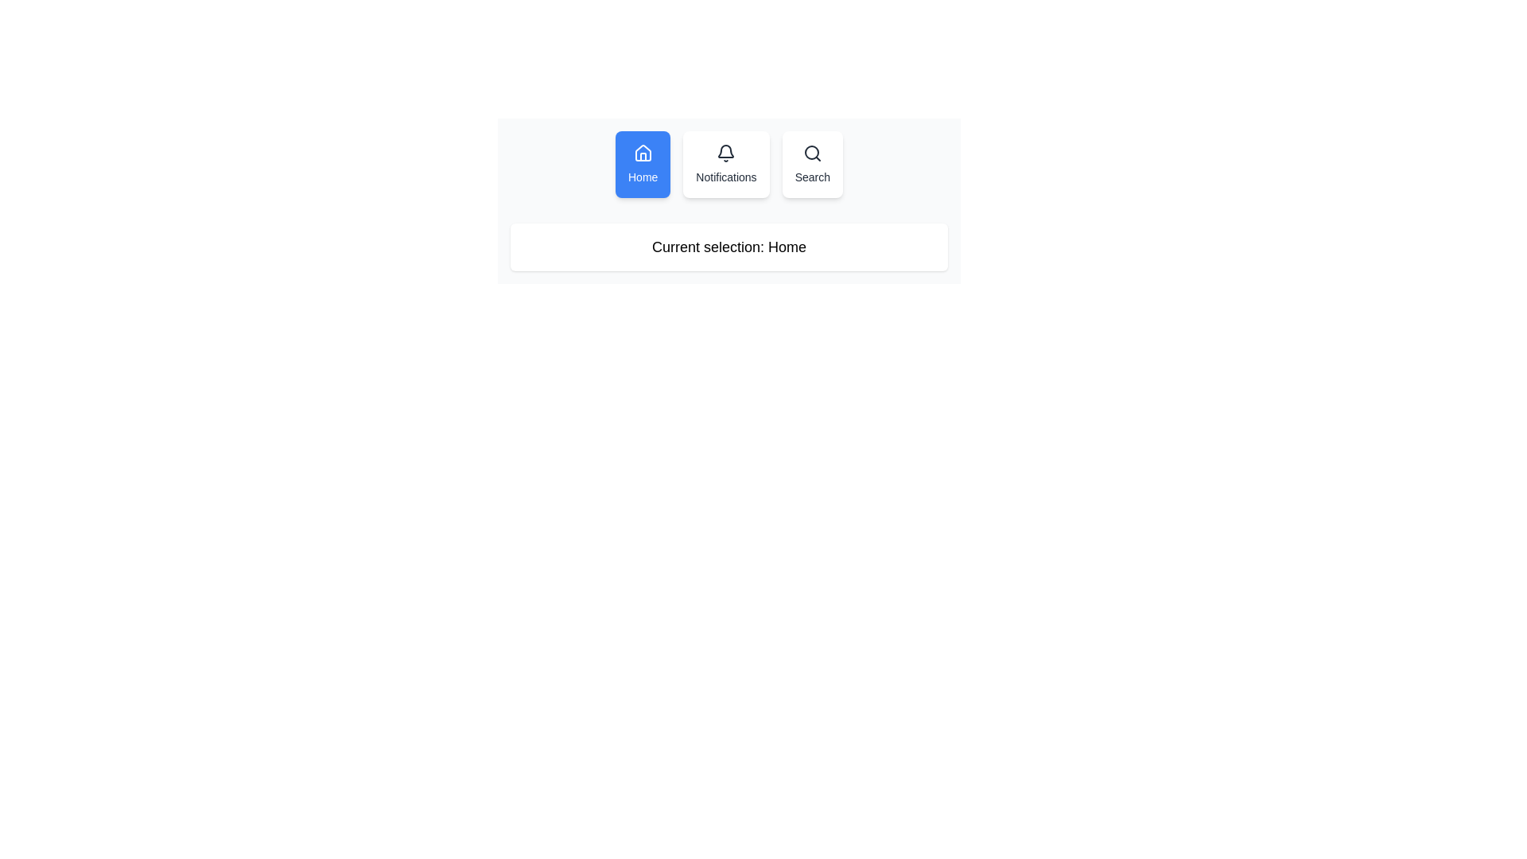 The height and width of the screenshot is (859, 1527). Describe the element at coordinates (643, 153) in the screenshot. I see `the 'Home' icon in the navigation bar` at that location.